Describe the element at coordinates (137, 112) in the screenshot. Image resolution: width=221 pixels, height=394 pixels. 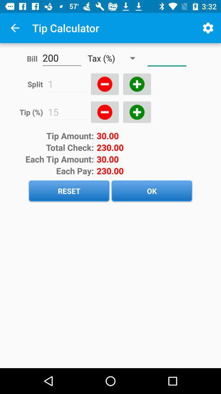
I see `increase tip` at that location.